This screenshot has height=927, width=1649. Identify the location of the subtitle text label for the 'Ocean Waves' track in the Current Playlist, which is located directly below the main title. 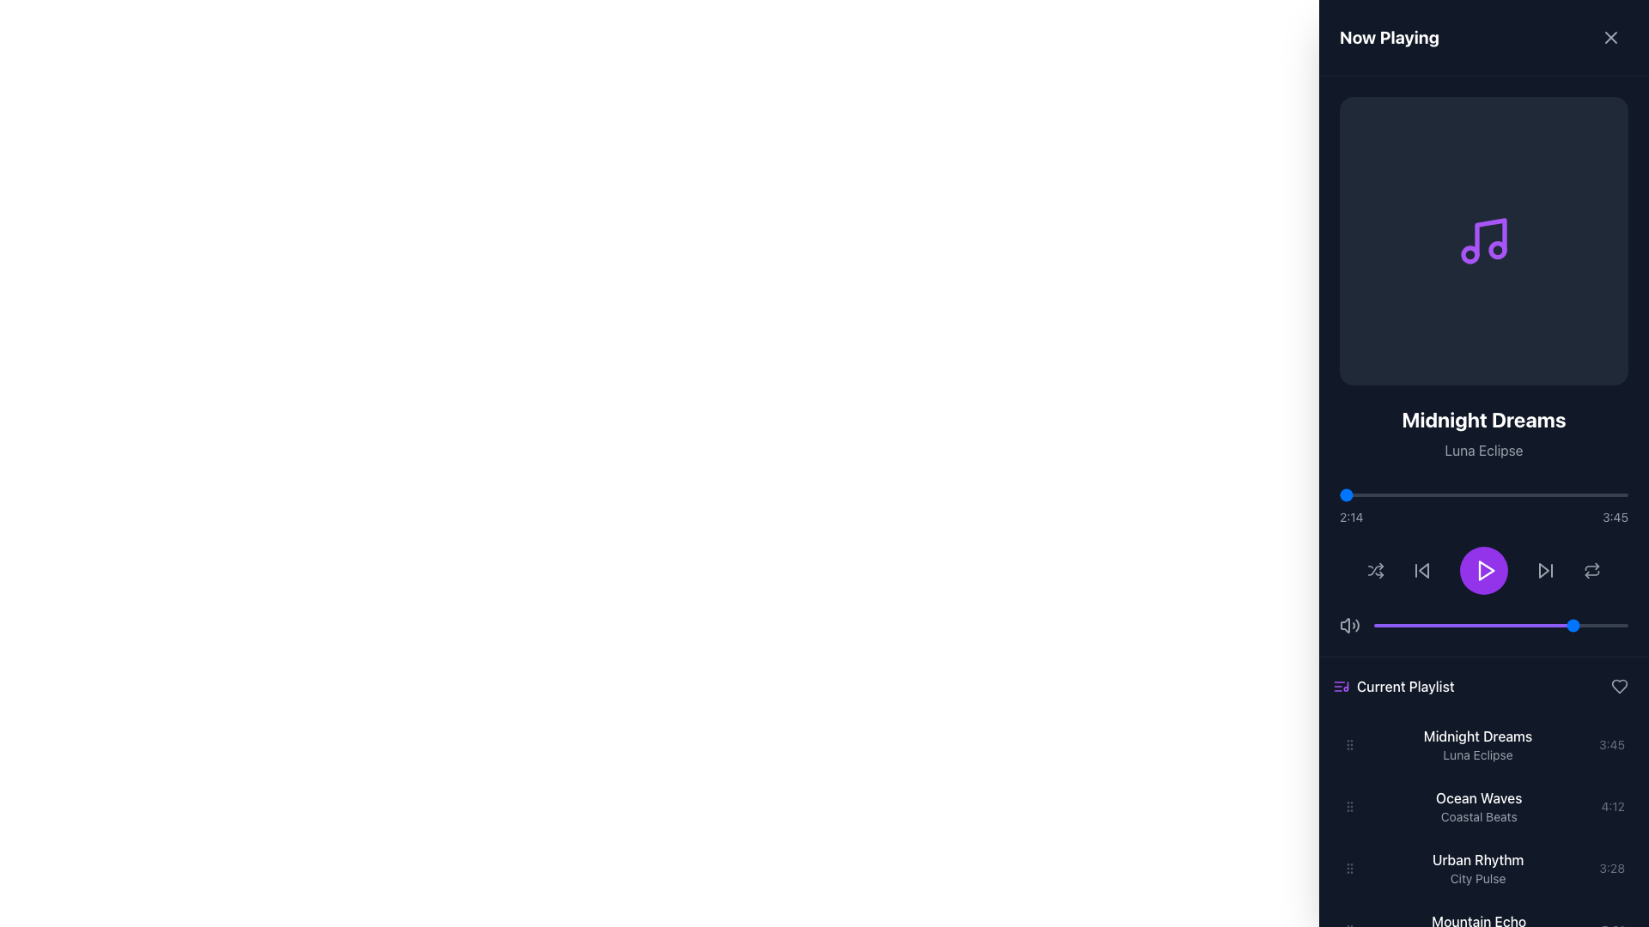
(1478, 816).